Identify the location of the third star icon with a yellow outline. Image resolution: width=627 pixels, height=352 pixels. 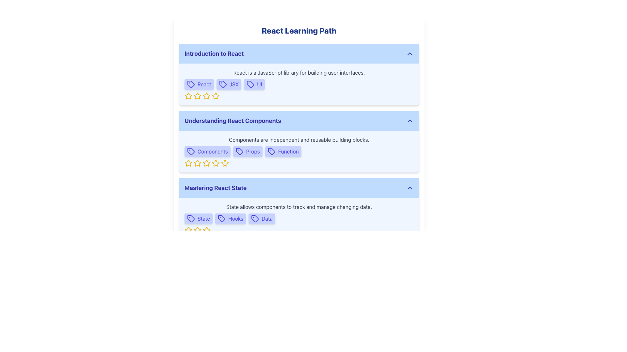
(206, 163).